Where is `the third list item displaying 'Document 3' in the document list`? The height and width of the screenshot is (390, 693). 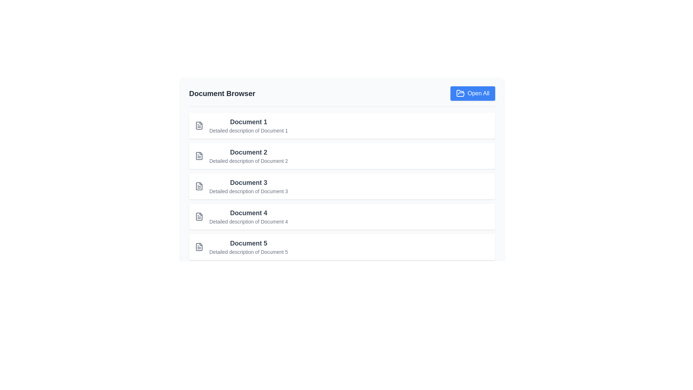
the third list item displaying 'Document 3' in the document list is located at coordinates (342, 186).